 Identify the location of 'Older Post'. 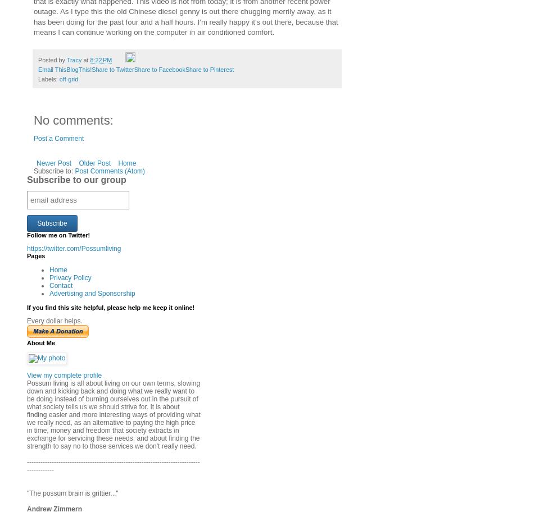
(94, 162).